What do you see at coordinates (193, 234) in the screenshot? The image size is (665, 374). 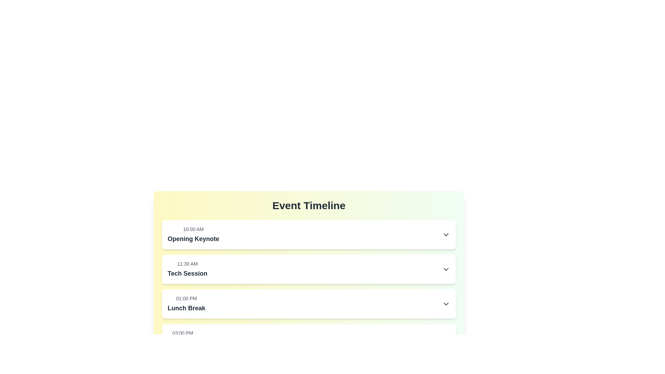 I see `text content of the Label displaying the time and title of the first event in the Event Timeline, located at the top-left corner of the list` at bounding box center [193, 234].